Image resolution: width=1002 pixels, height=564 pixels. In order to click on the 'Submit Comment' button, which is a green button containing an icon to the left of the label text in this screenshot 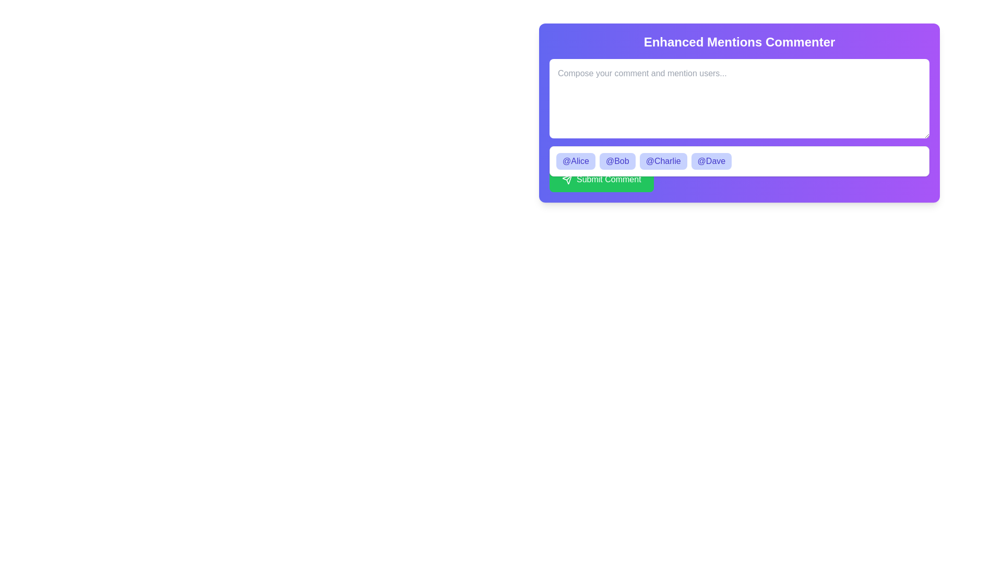, I will do `click(566, 179)`.